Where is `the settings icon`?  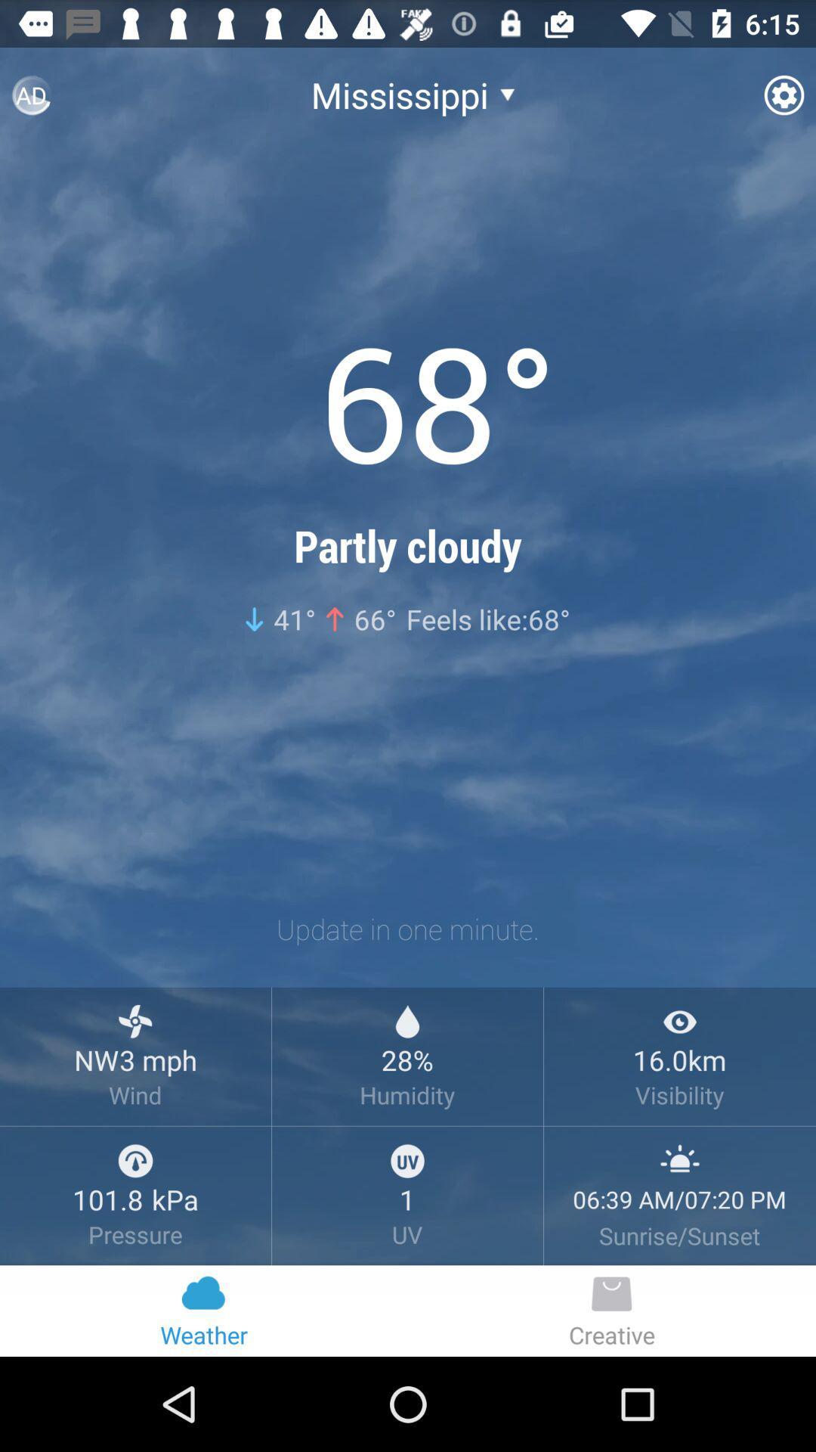 the settings icon is located at coordinates (783, 101).